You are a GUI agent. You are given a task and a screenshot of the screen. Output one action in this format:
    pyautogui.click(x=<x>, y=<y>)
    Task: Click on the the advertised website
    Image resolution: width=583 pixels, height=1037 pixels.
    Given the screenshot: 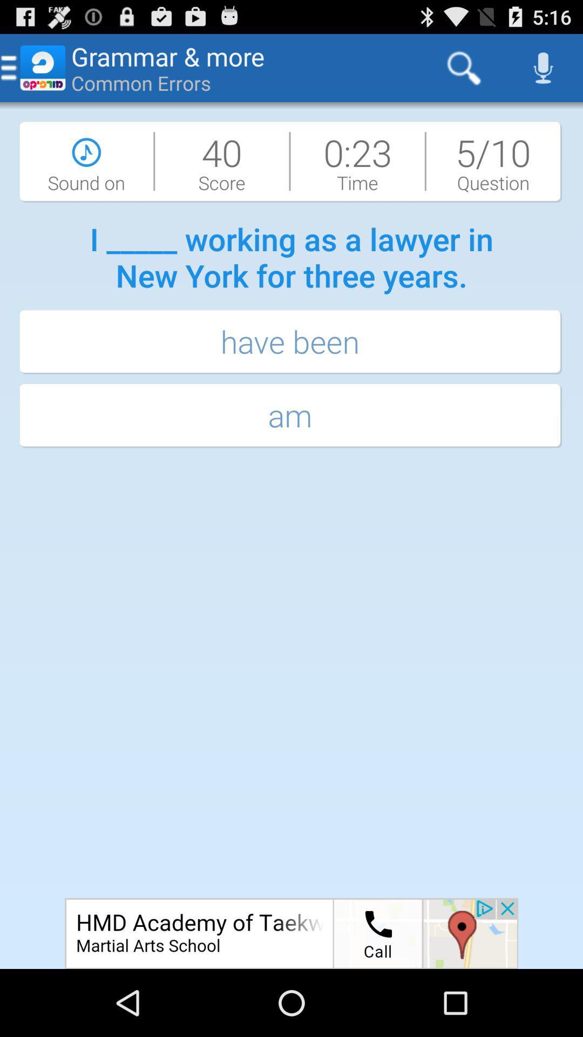 What is the action you would take?
    pyautogui.click(x=291, y=933)
    